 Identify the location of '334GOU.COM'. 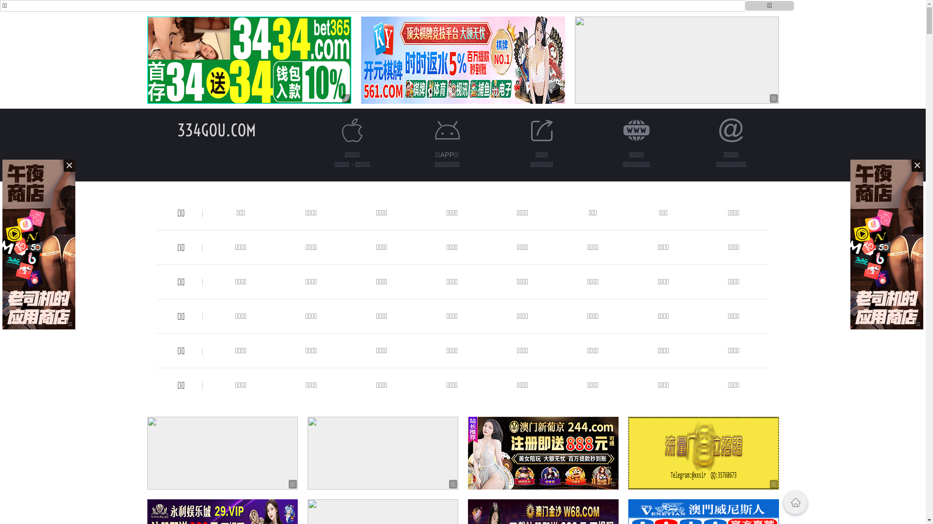
(216, 130).